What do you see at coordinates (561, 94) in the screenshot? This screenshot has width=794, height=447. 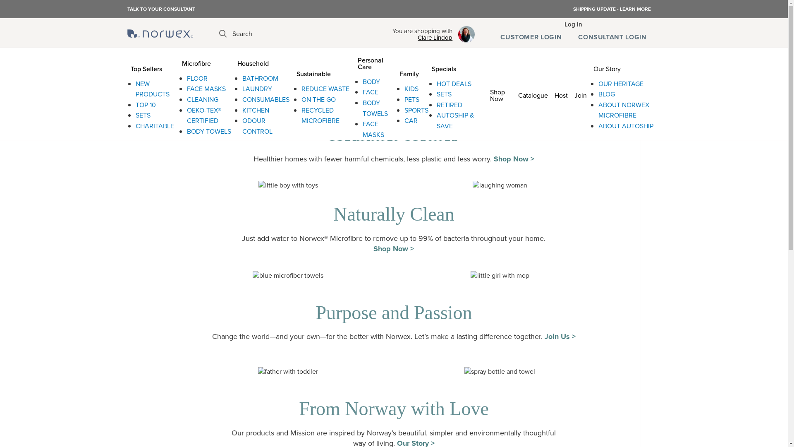 I see `'Host'` at bounding box center [561, 94].